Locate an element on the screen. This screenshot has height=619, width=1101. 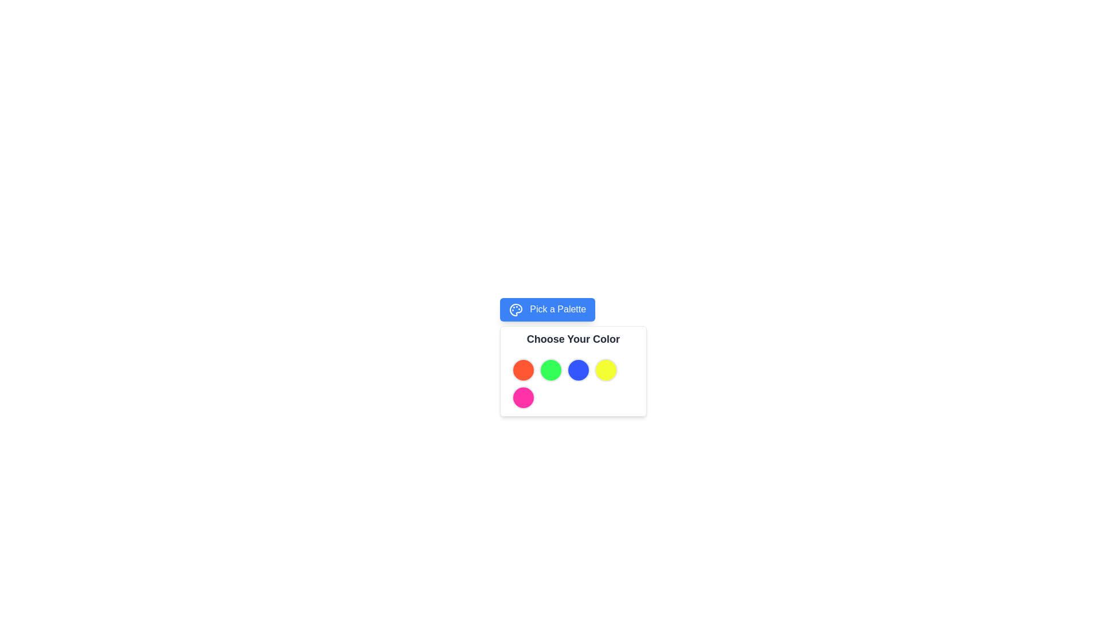
the fourth button in the top row of the color selection grid is located at coordinates (605, 370).